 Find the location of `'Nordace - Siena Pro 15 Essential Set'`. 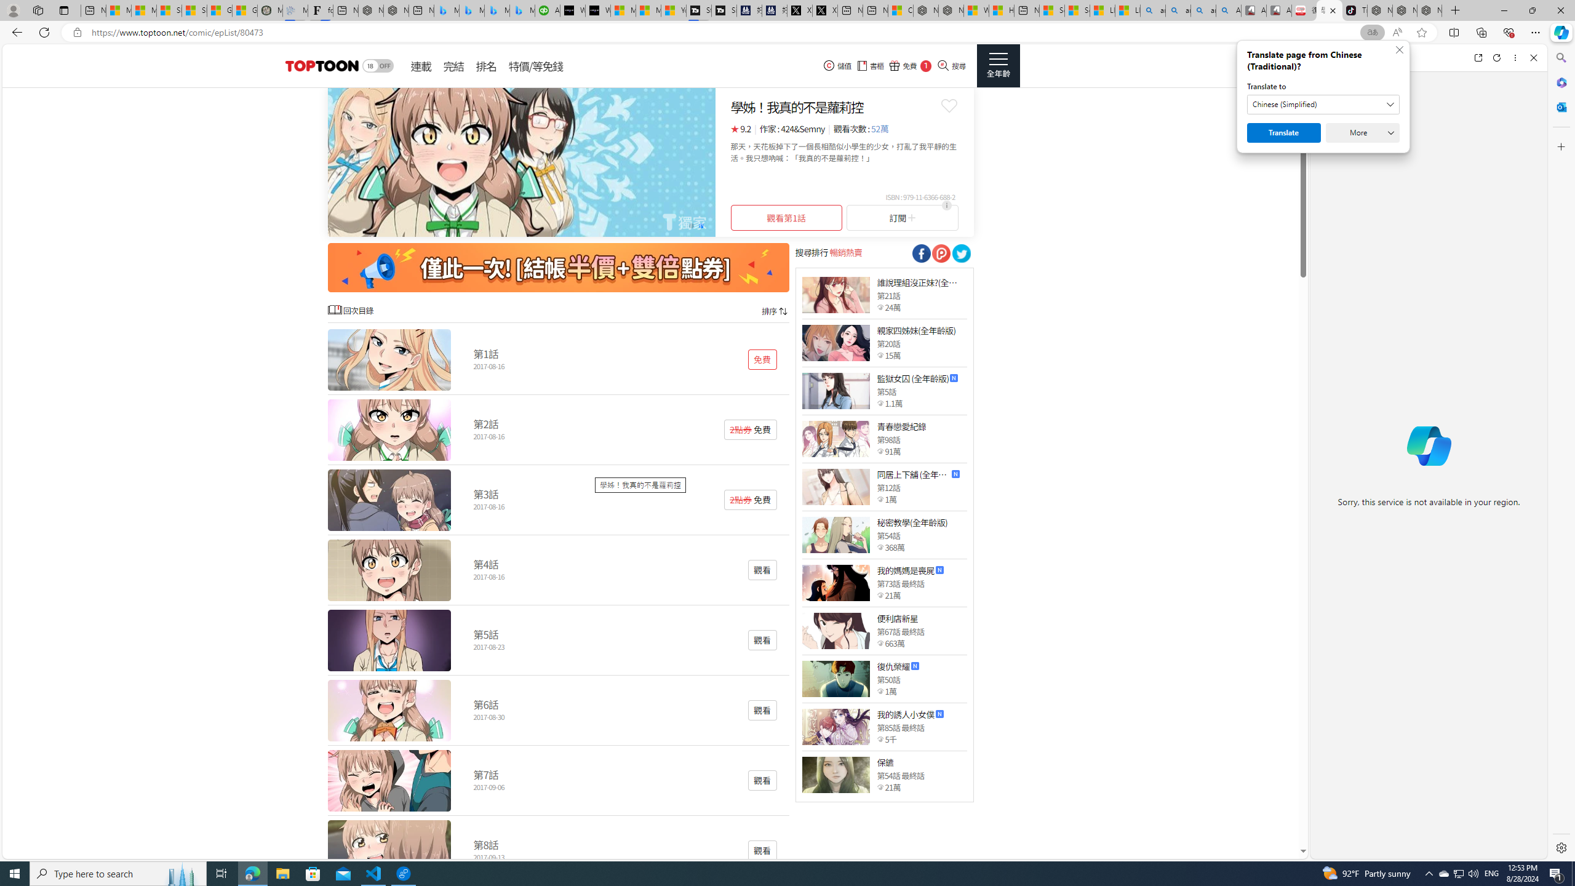

'Nordace - Siena Pro 15 Essential Set' is located at coordinates (1429, 10).